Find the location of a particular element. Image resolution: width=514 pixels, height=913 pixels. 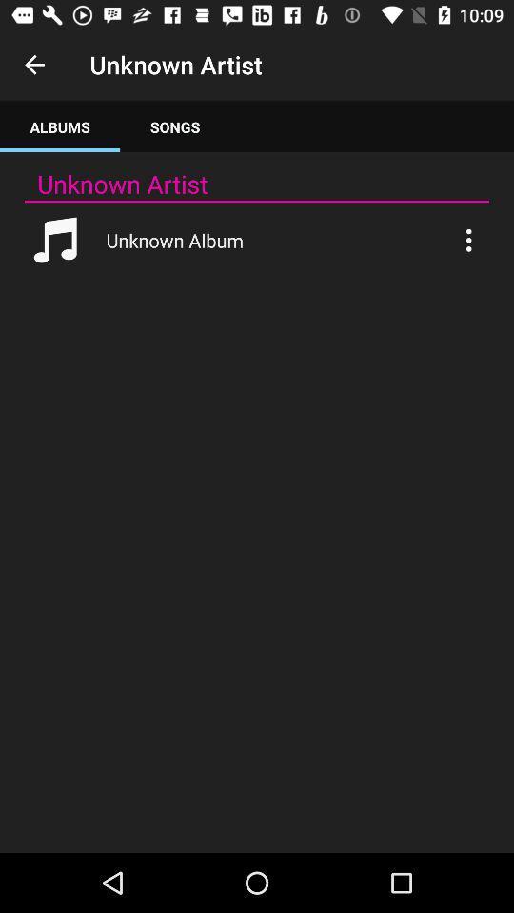

the songs item is located at coordinates (175, 126).